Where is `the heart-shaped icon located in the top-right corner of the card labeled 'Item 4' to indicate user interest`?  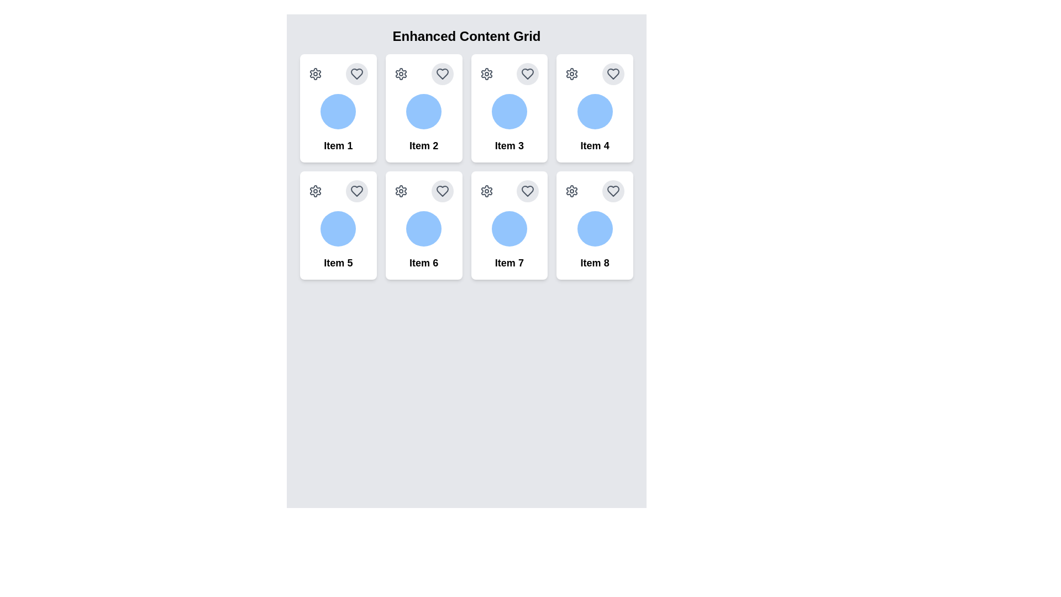 the heart-shaped icon located in the top-right corner of the card labeled 'Item 4' to indicate user interest is located at coordinates (612, 74).